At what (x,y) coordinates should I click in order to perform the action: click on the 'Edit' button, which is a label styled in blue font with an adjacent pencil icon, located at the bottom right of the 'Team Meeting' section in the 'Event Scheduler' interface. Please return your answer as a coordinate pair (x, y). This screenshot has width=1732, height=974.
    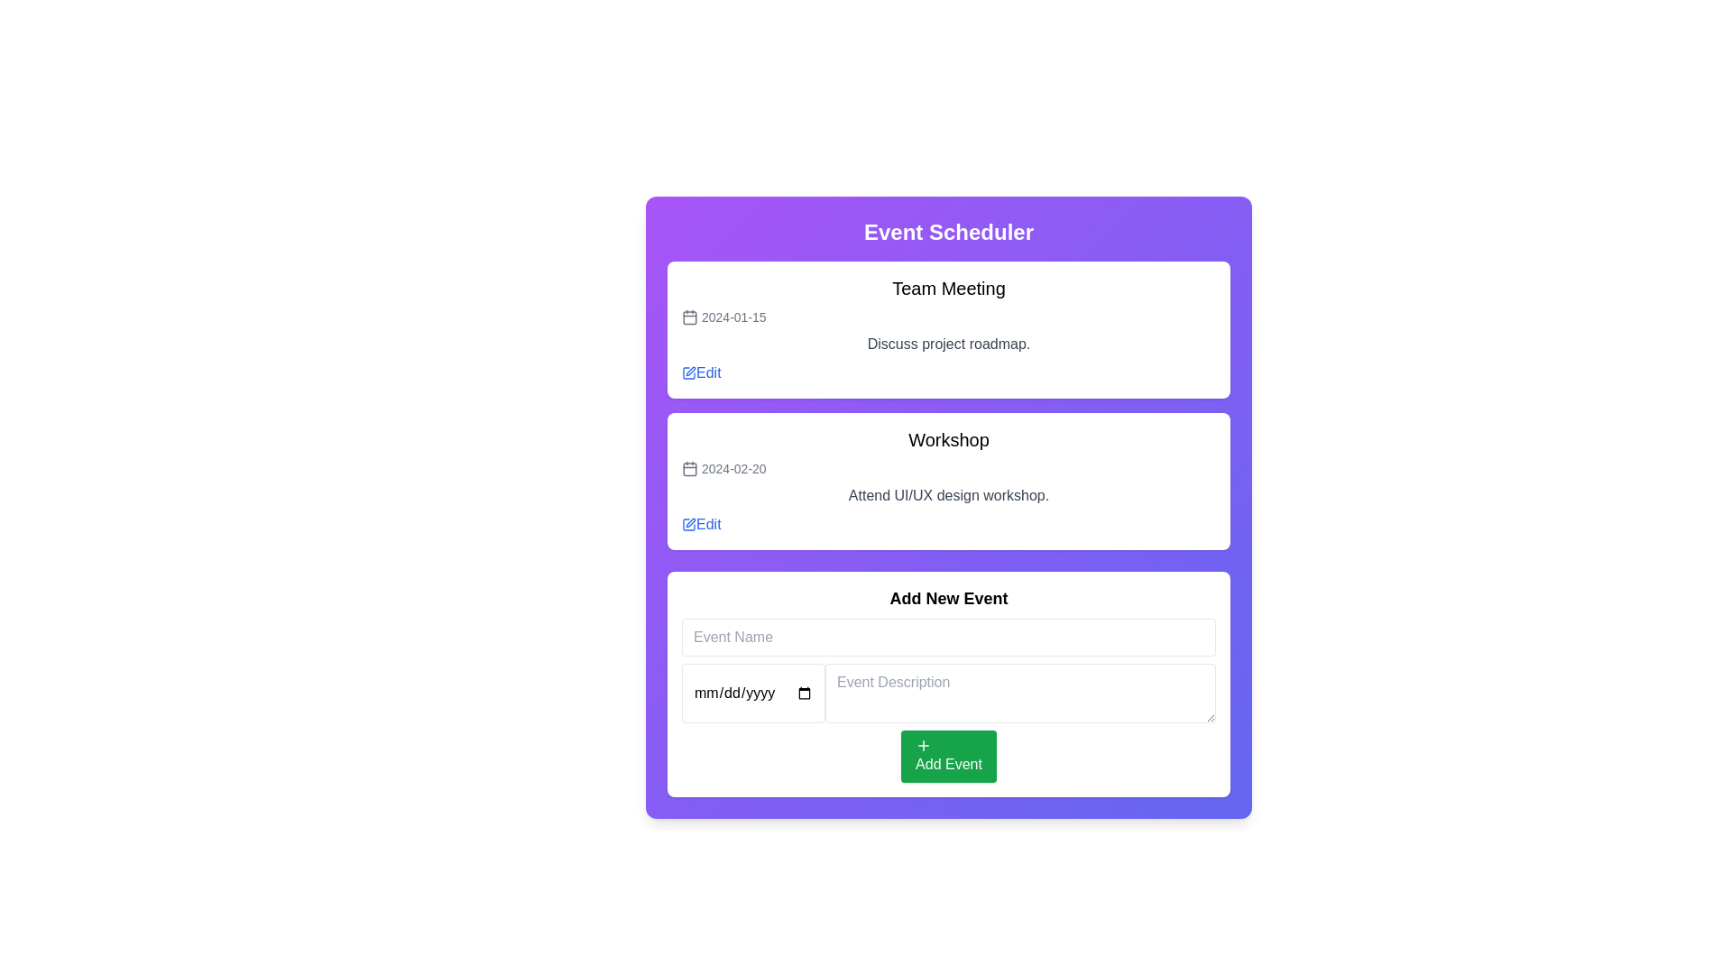
    Looking at the image, I should click on (700, 372).